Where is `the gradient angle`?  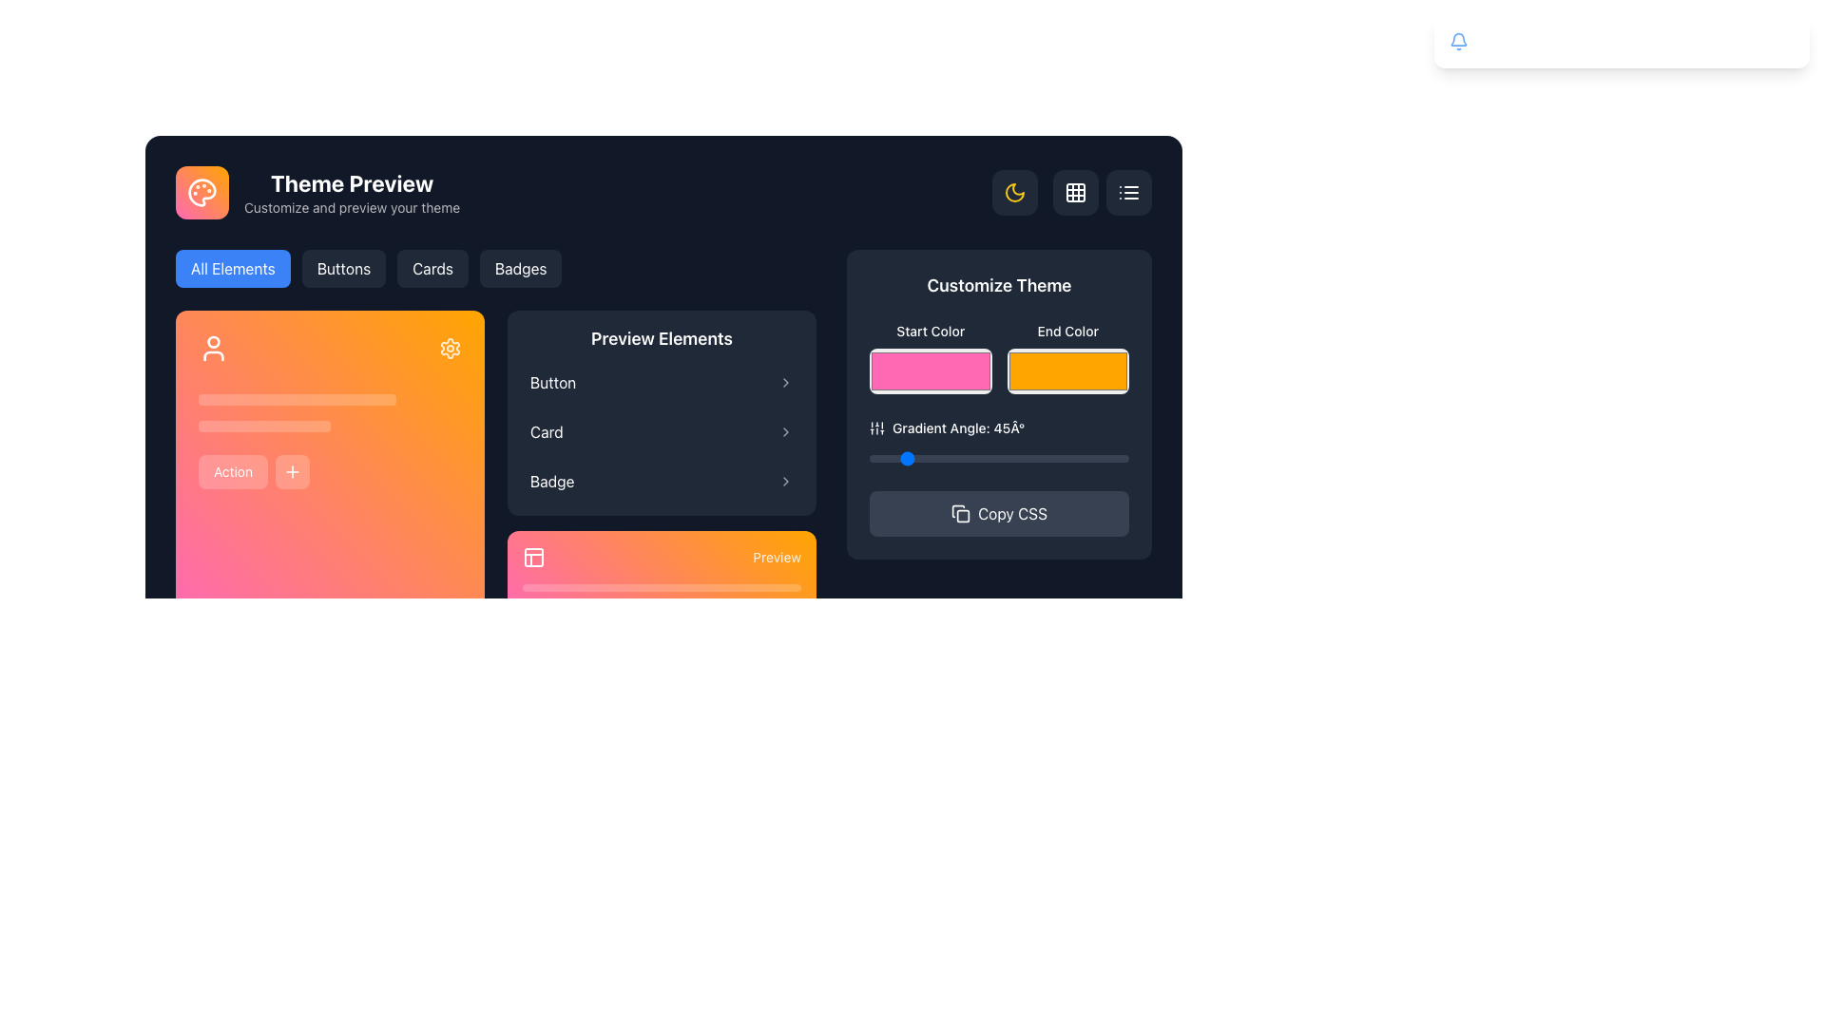 the gradient angle is located at coordinates (1059, 458).